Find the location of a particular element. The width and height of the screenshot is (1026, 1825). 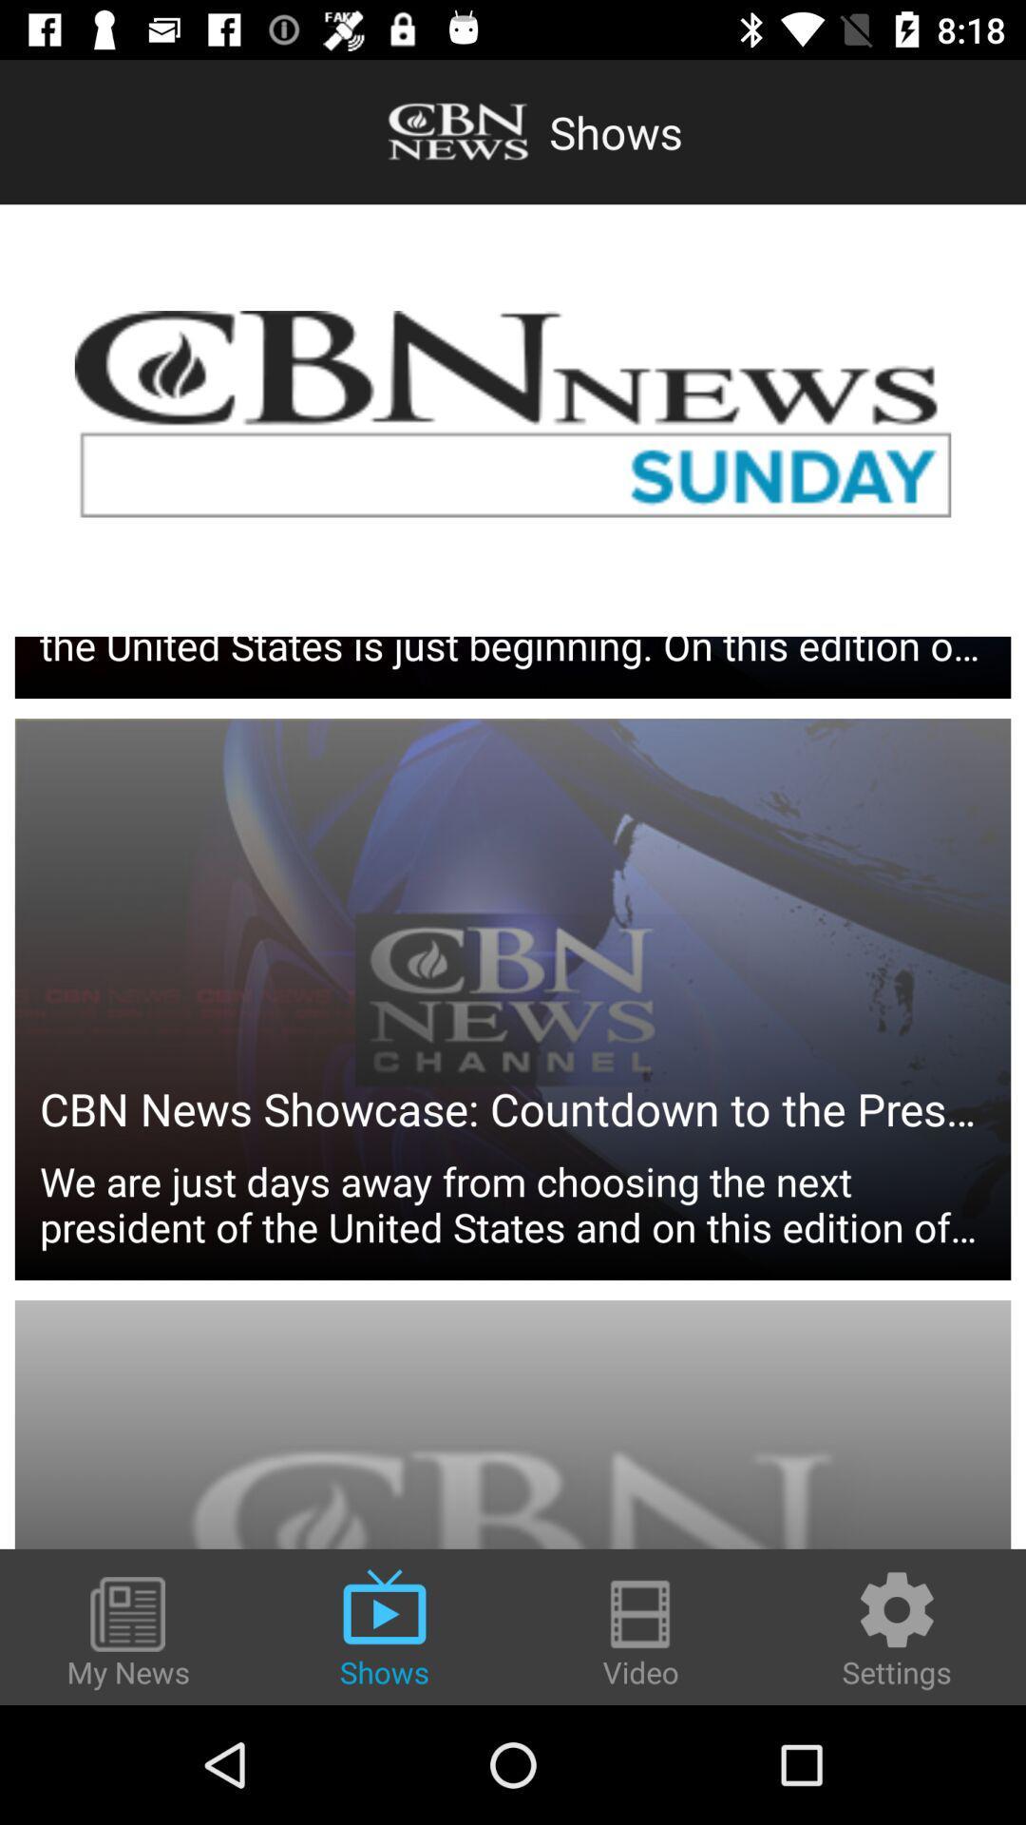

the item to the right of the video is located at coordinates (897, 1627).